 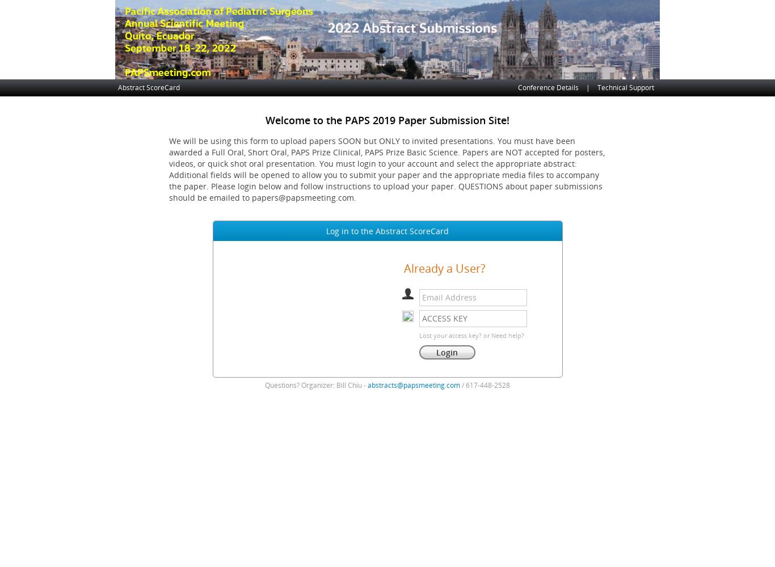 I want to click on 'Questions? 
			Organizer: Bill Chiu -', so click(x=316, y=385).